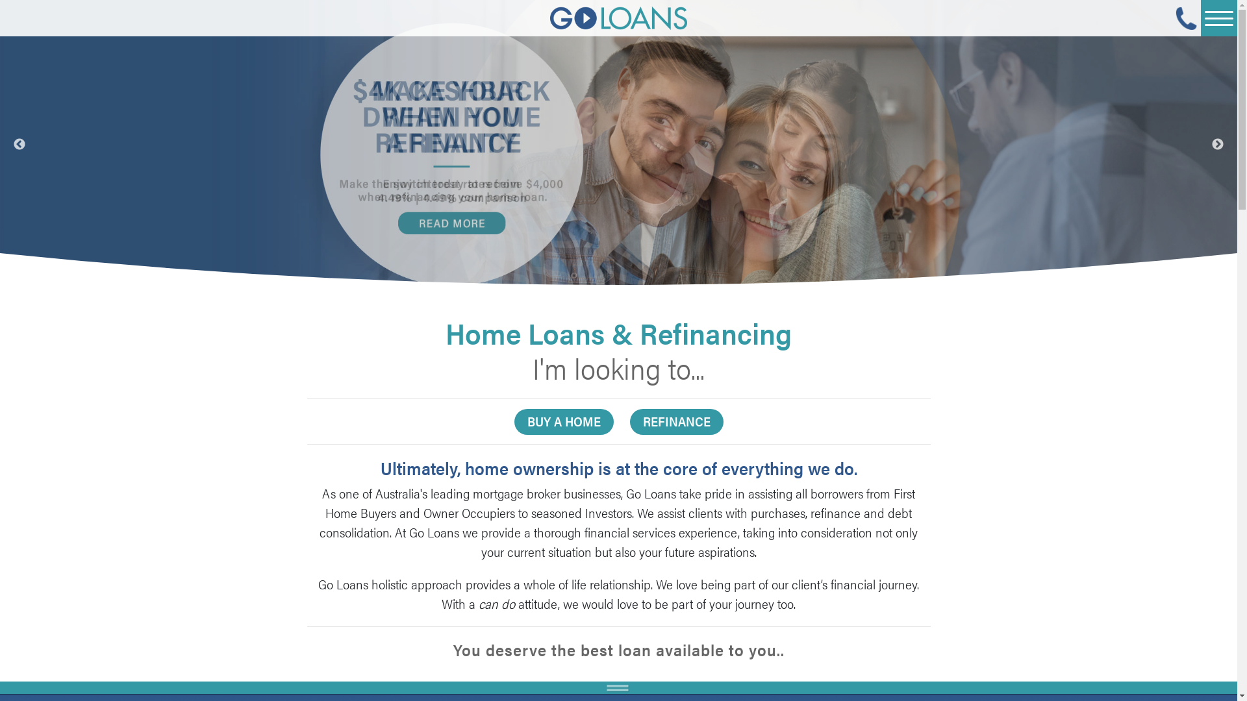 Image resolution: width=1247 pixels, height=701 pixels. What do you see at coordinates (564, 422) in the screenshot?
I see `'BUY A HOME'` at bounding box center [564, 422].